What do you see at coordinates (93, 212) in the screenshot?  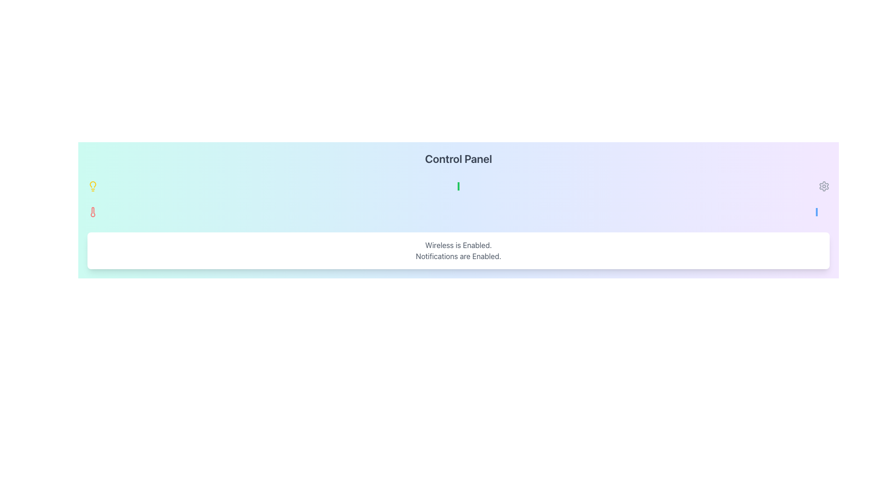 I see `the temperature-related SVG icon located on the left side of the interface, below the light bulb icon` at bounding box center [93, 212].